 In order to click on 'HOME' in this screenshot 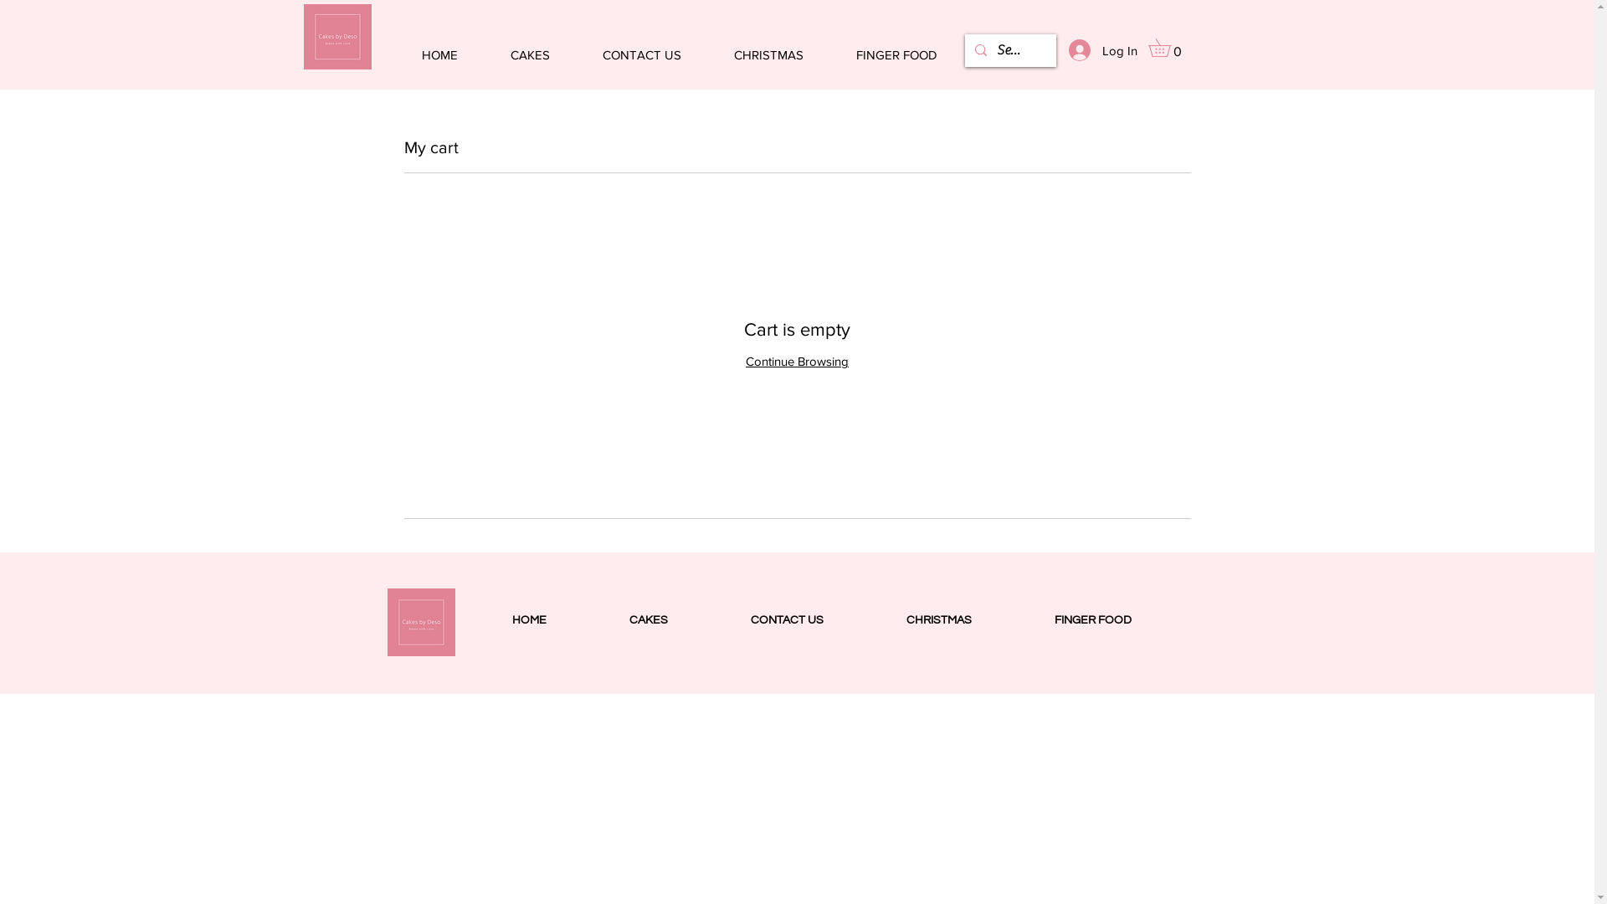, I will do `click(528, 619)`.